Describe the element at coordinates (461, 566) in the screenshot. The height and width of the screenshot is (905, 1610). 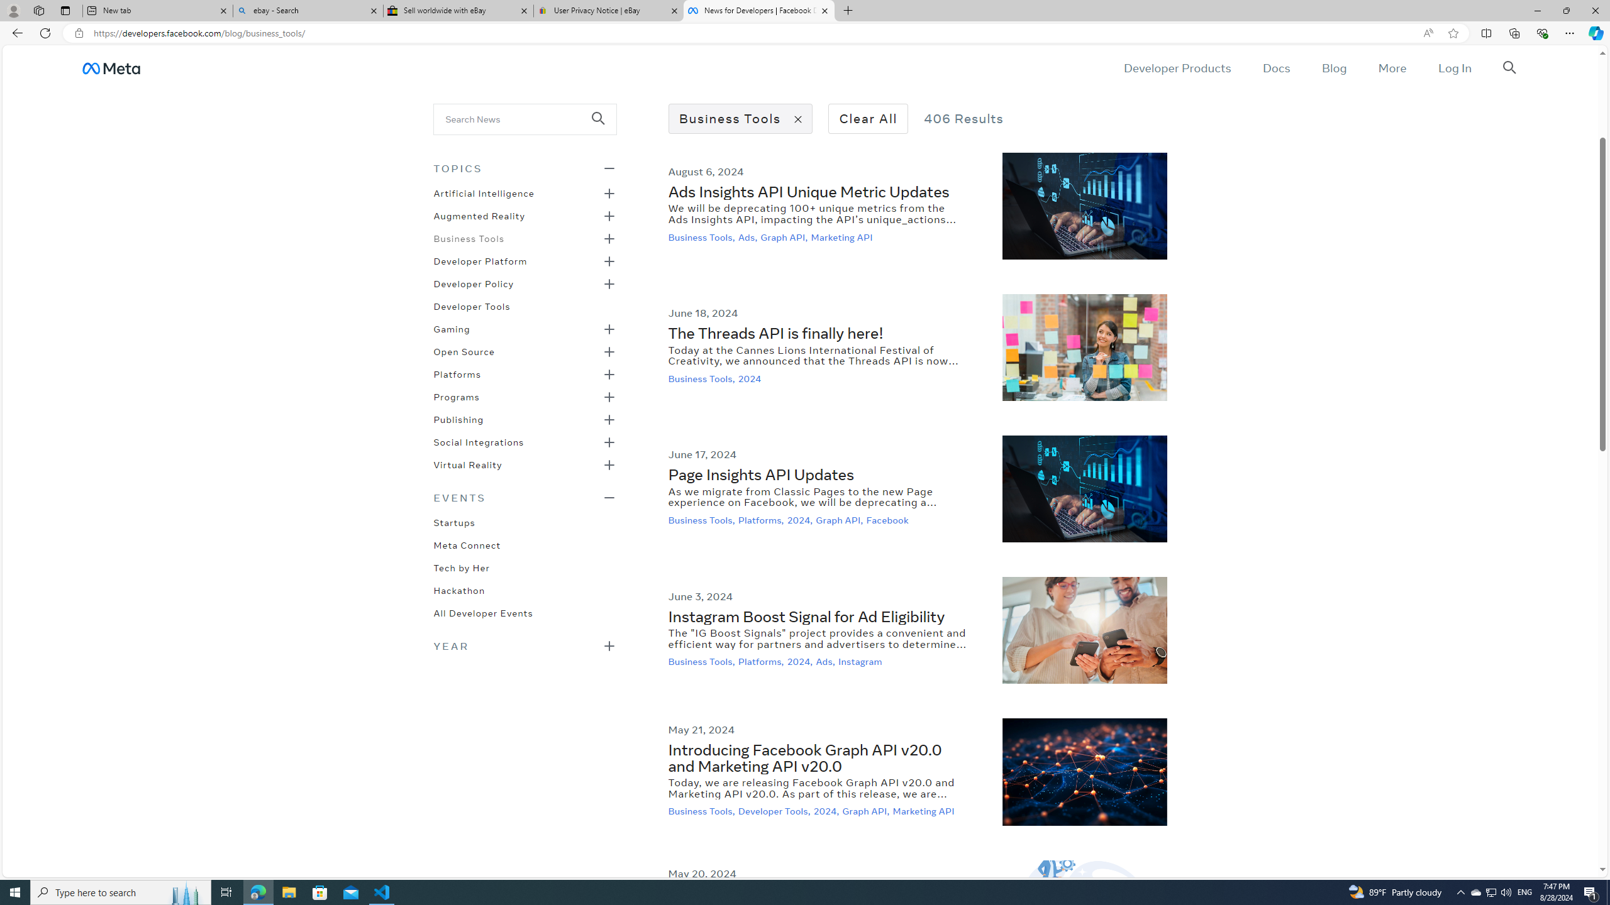
I see `'Tech by Her'` at that location.